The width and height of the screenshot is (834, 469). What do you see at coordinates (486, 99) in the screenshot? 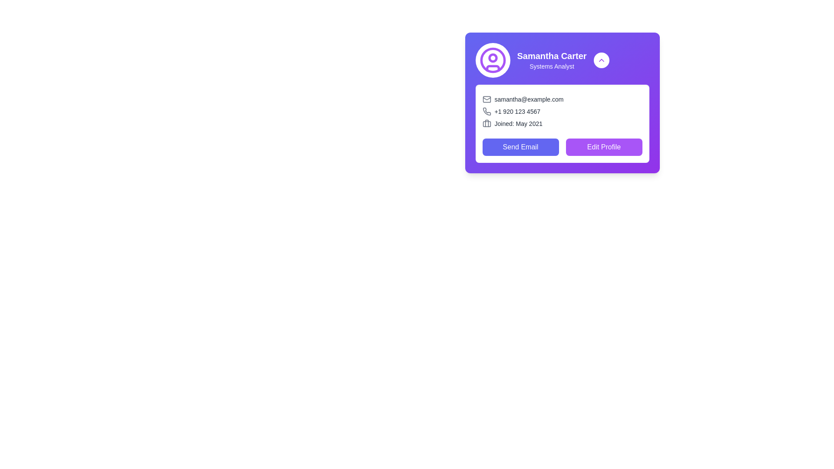
I see `the decorative vector graphic rectangle that forms part of the mail envelope icon within the profile card interface` at bounding box center [486, 99].